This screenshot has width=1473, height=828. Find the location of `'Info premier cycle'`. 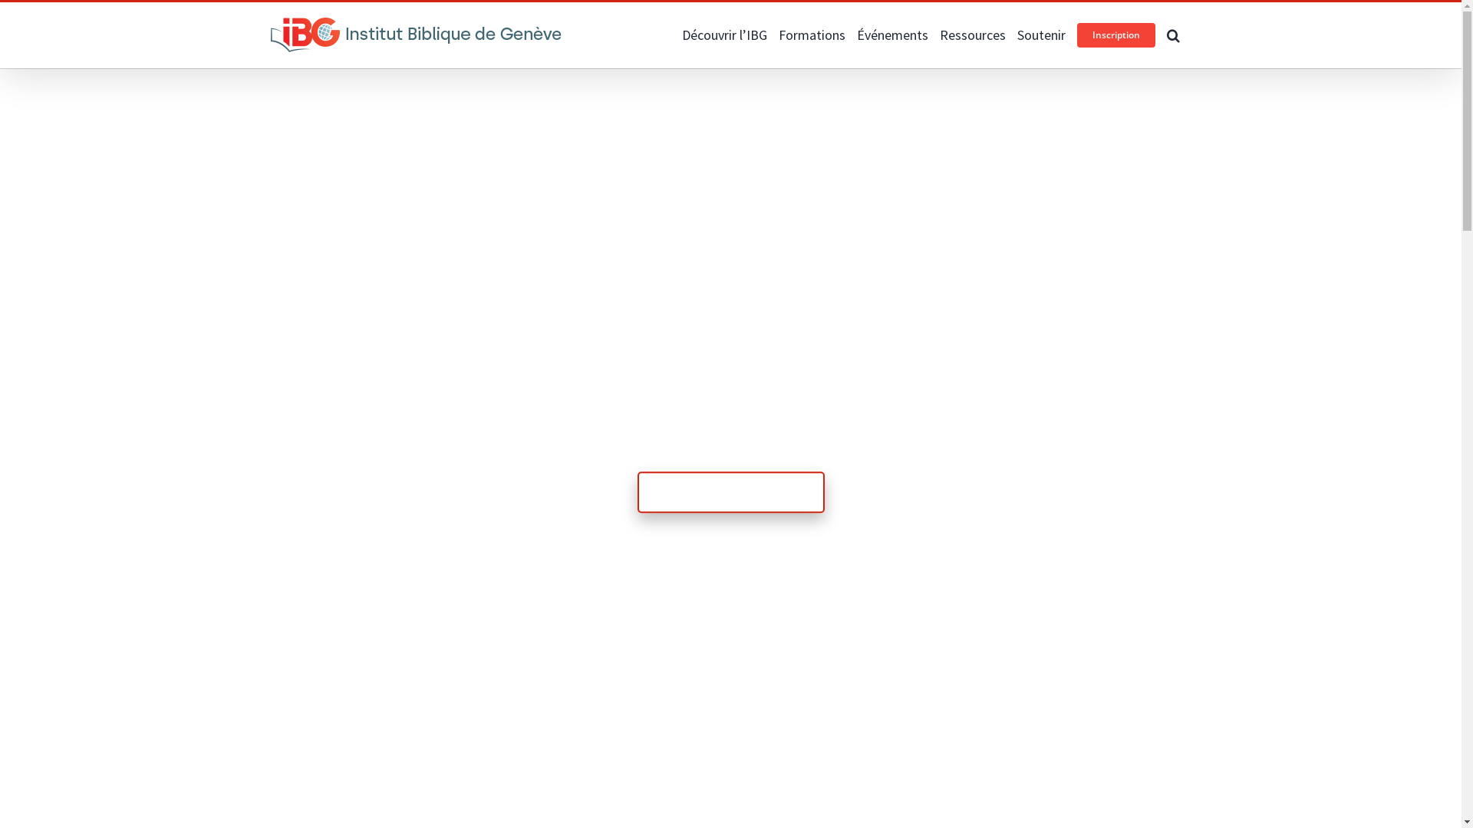

'Info premier cycle' is located at coordinates (729, 491).